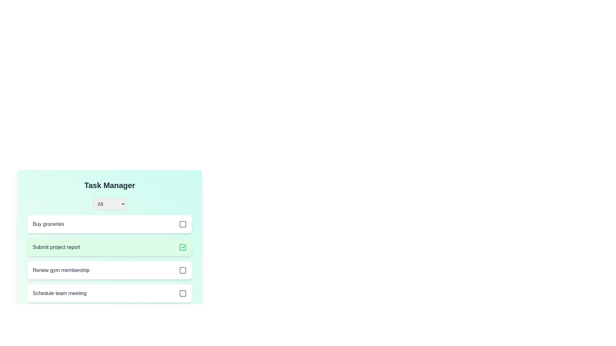  I want to click on the dropdown menu to reveal filter options, so click(109, 204).